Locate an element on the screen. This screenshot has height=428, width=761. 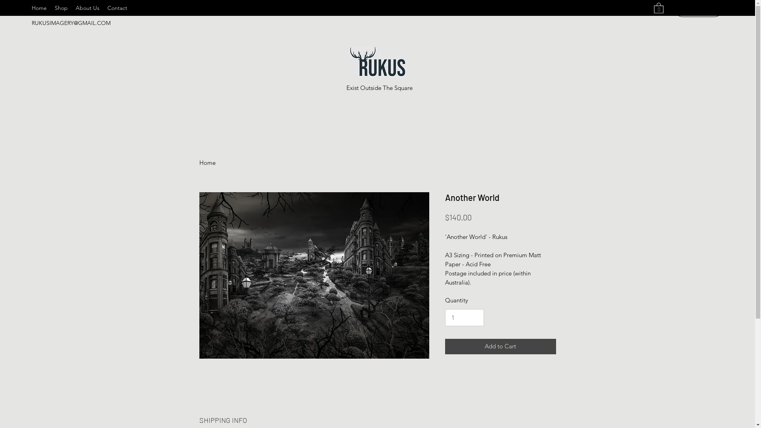
'Shop' is located at coordinates (61, 8).